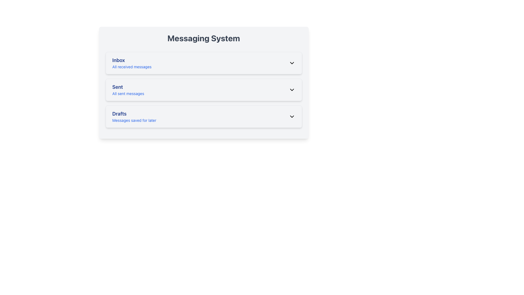  I want to click on the content of the 'Drafts' text element, which contains a bold header and a subtitle, located at the specified coordinates, so click(134, 116).